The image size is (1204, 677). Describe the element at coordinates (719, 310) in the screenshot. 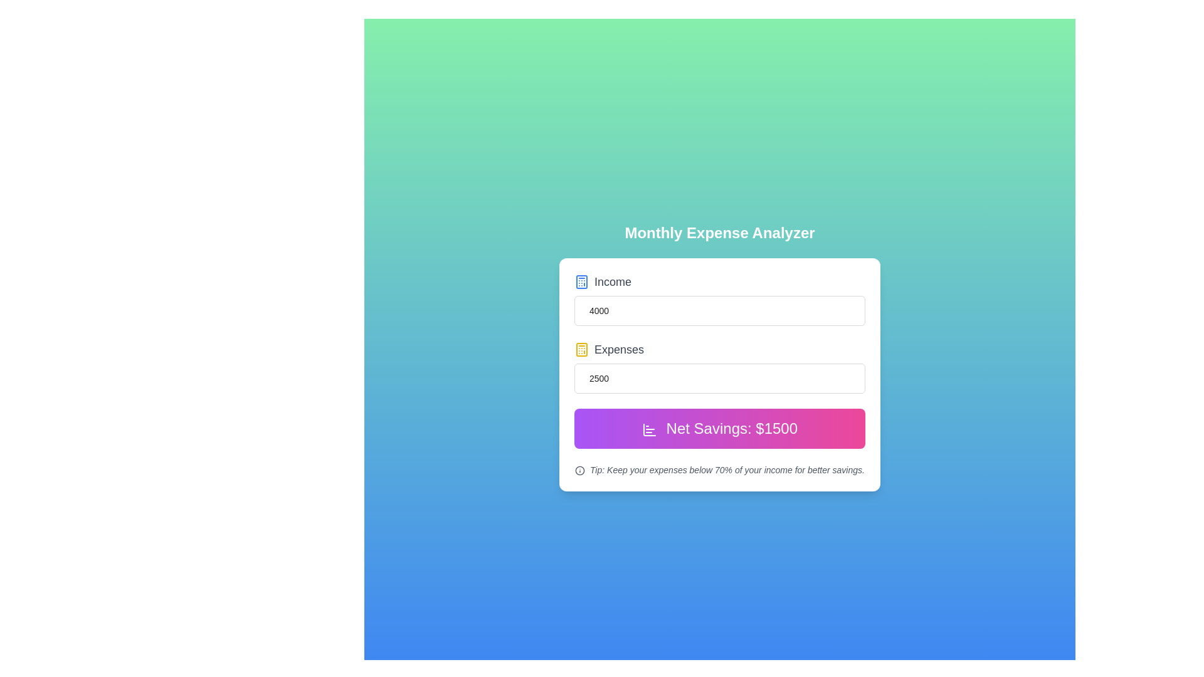

I see `the numeric input field for 'Income' located in the upper part of the white panel to focus the field` at that location.